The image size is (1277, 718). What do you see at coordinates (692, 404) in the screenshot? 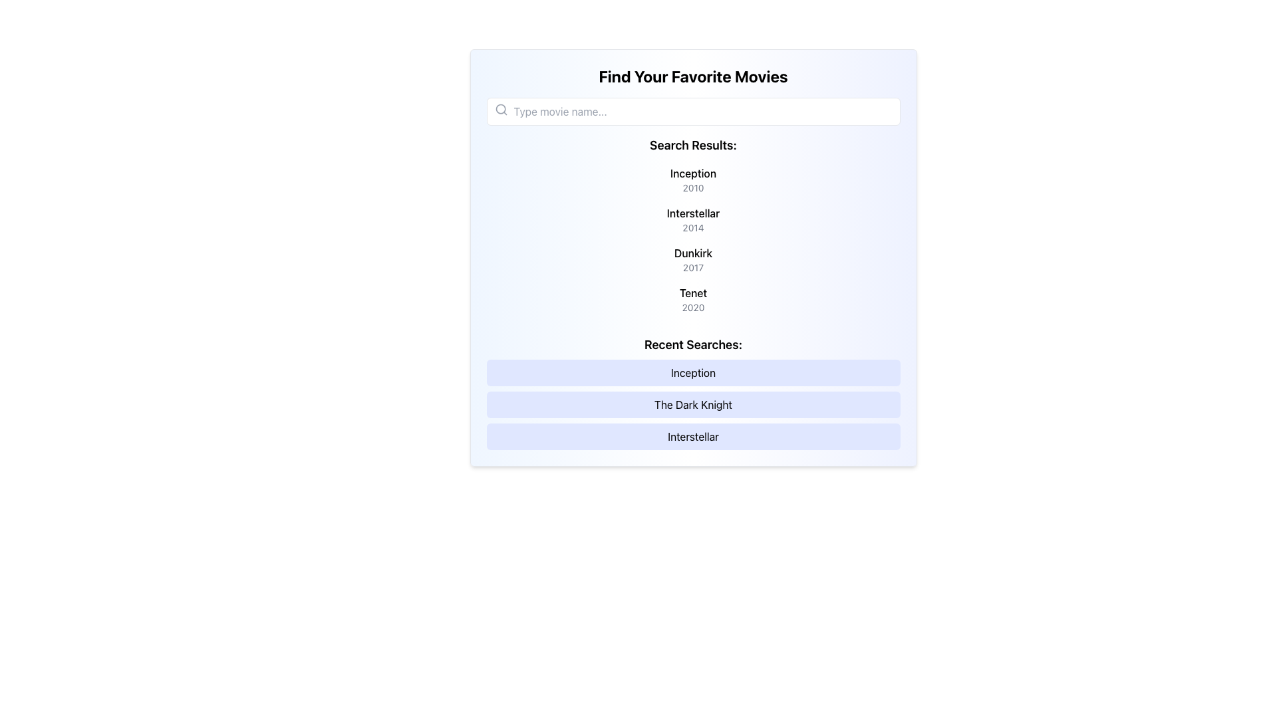
I see `the button representing a previously searched movie title in the 'Recent Searches' section` at bounding box center [692, 404].